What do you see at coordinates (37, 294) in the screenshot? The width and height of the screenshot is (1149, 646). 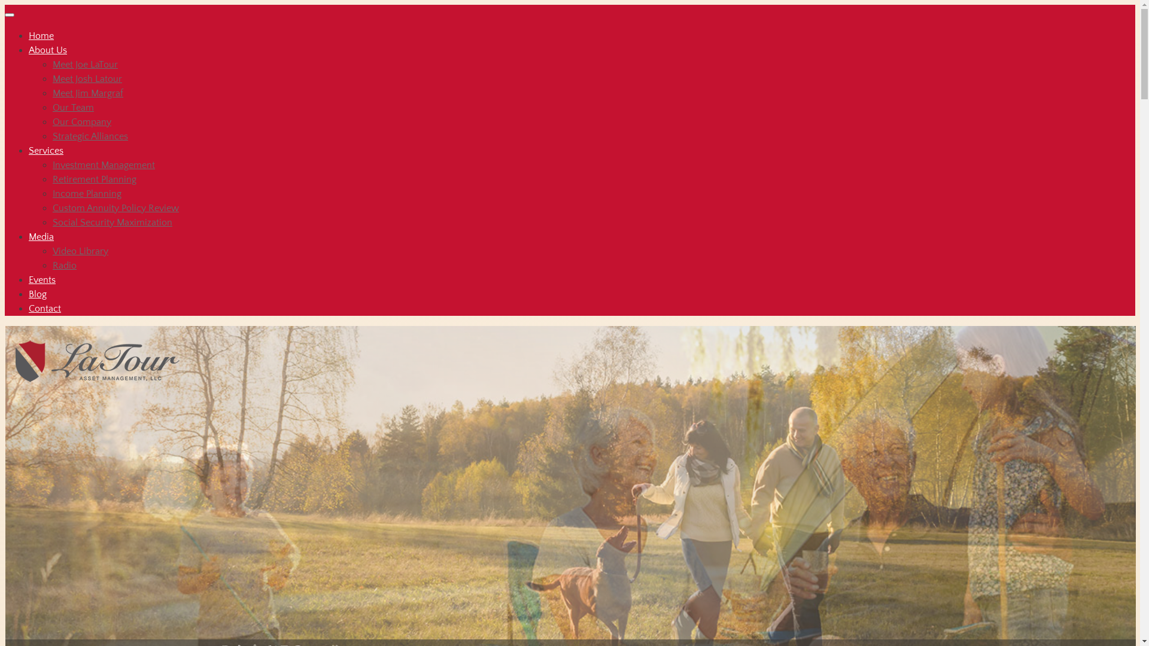 I see `'Blog'` at bounding box center [37, 294].